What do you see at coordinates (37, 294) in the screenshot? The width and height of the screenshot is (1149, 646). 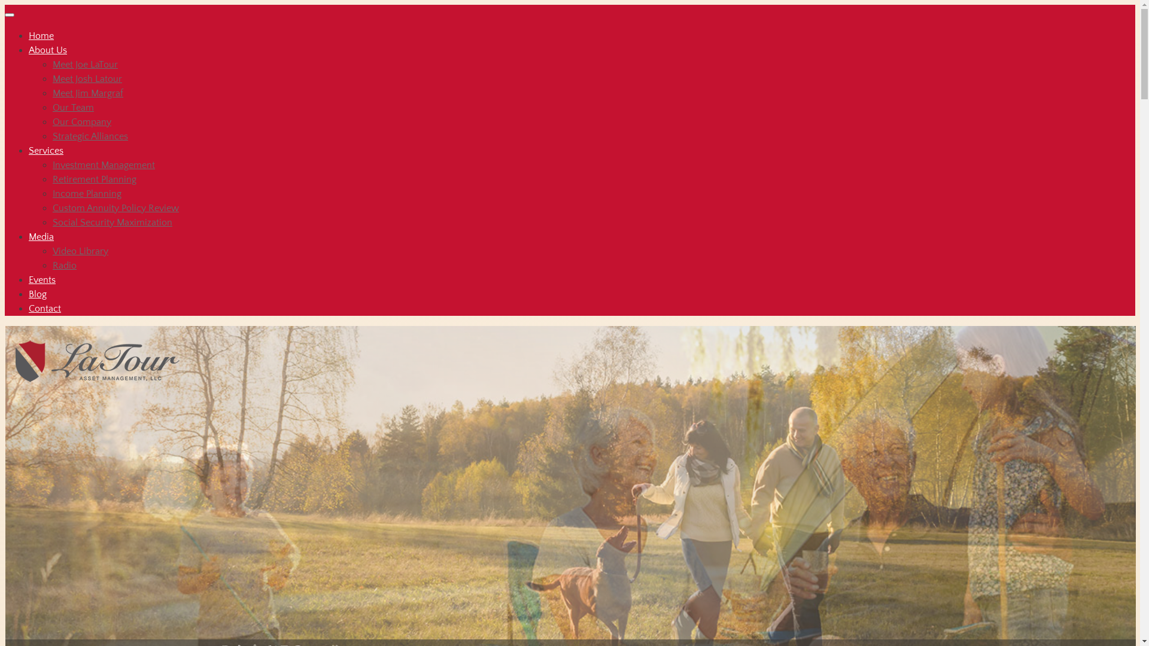 I see `'Blog'` at bounding box center [37, 294].